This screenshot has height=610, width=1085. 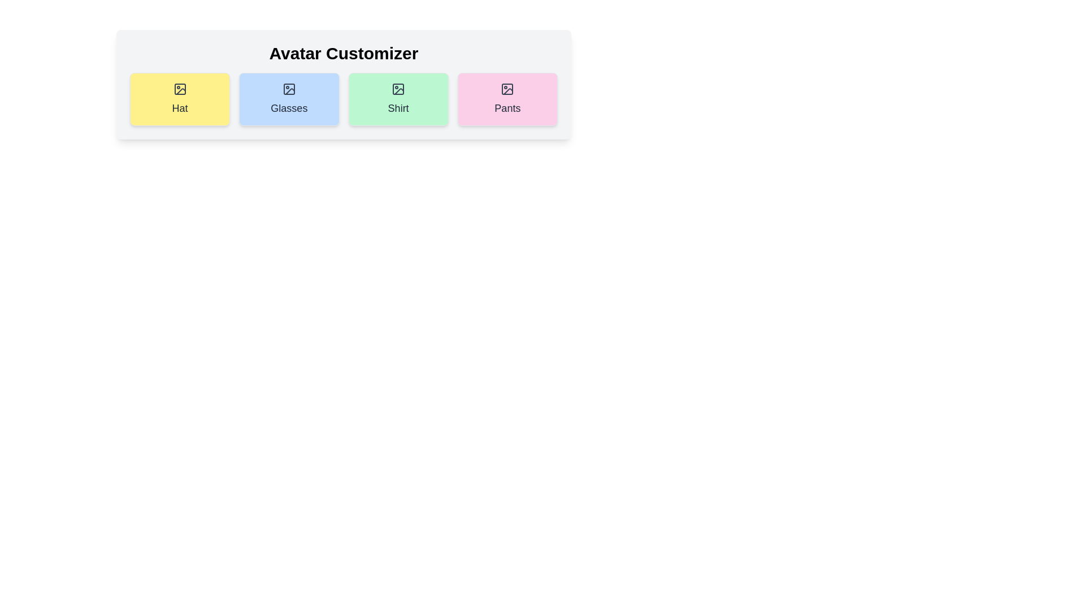 What do you see at coordinates (507, 99) in the screenshot?
I see `the 'Pants' button in the avatar customization interface` at bounding box center [507, 99].